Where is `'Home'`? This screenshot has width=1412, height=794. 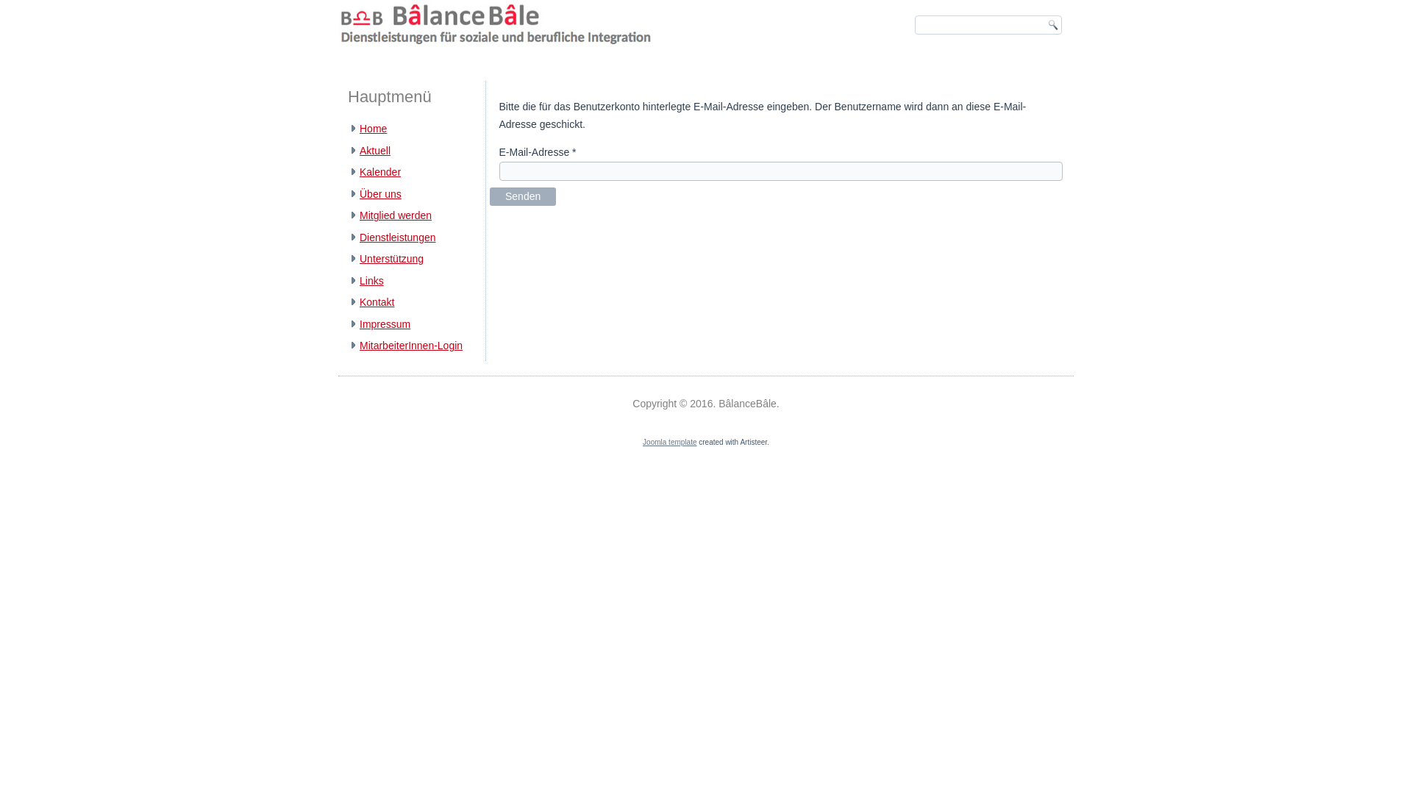
'Home' is located at coordinates (360, 127).